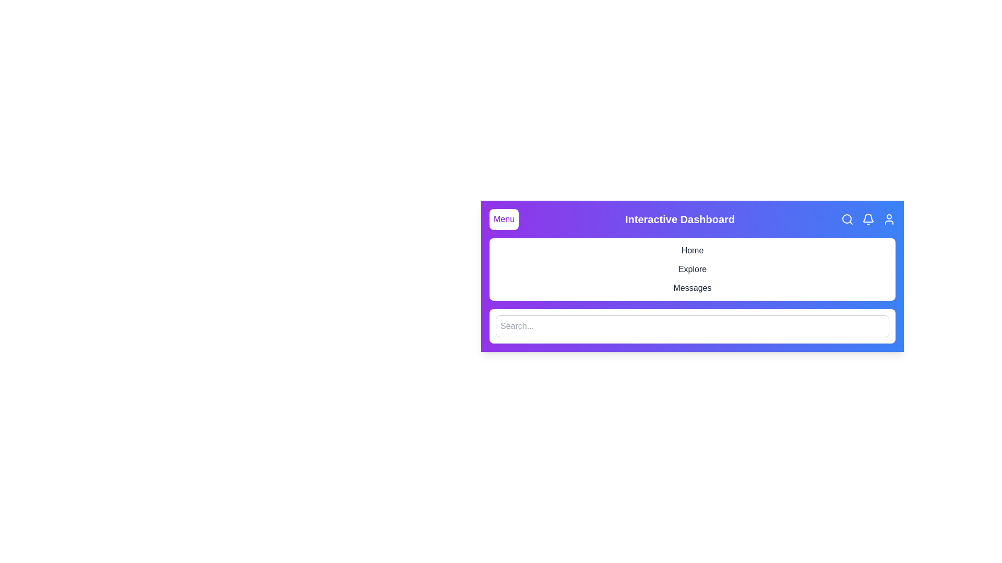 The width and height of the screenshot is (1002, 563). I want to click on the search icon to toggle the visibility of the search bar, so click(847, 218).